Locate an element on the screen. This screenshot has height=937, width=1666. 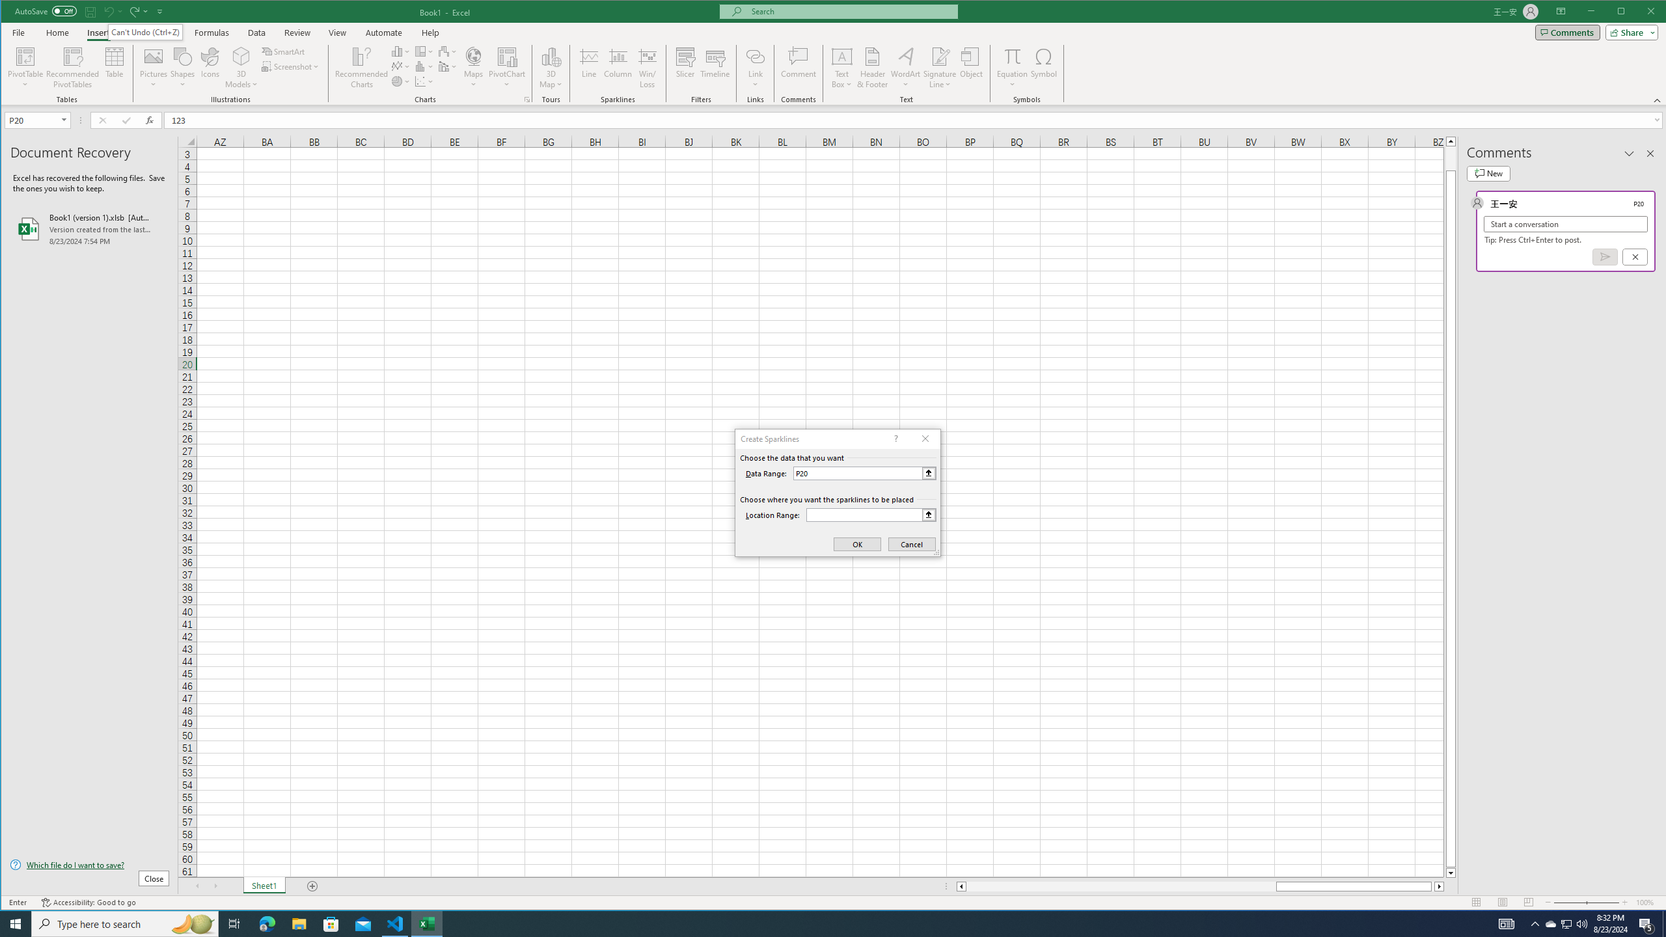
'Recommended PivotTables' is located at coordinates (72, 67).